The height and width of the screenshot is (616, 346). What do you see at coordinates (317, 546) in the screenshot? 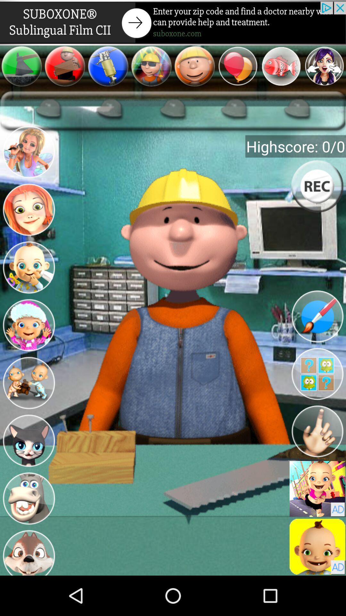
I see `a select option` at bounding box center [317, 546].